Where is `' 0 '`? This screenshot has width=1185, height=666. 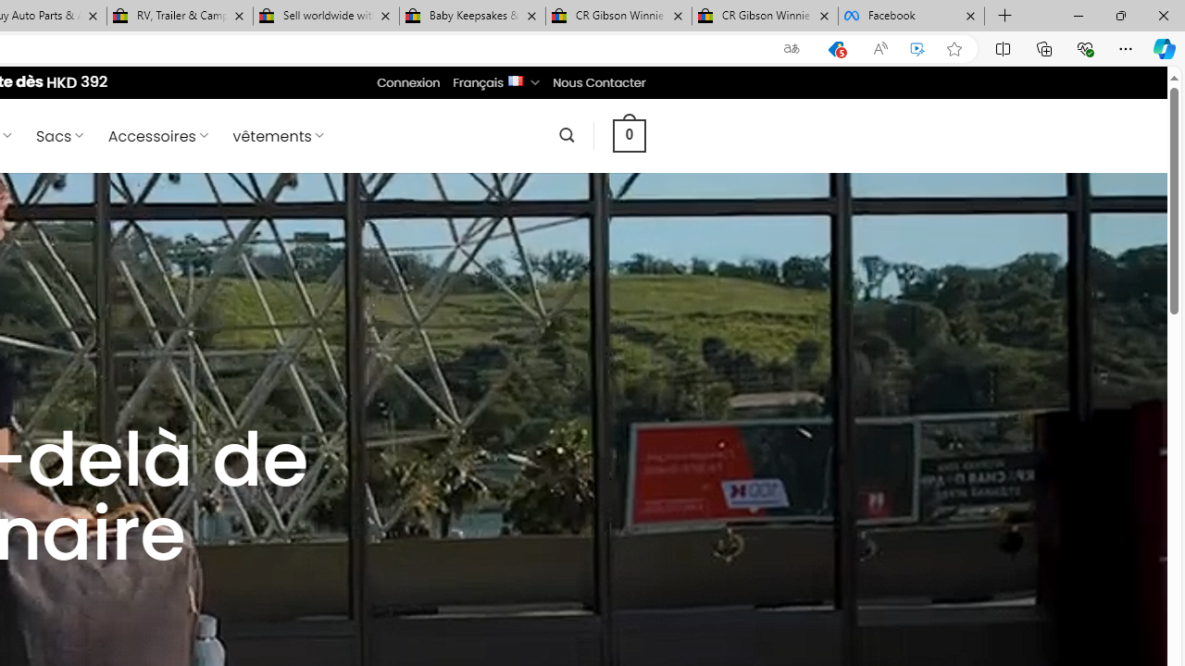 ' 0 ' is located at coordinates (629, 134).